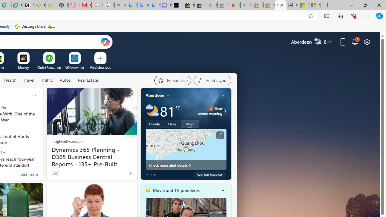 The height and width of the screenshot is (217, 386). I want to click on 'Descarga Driver Updater', so click(35, 26).